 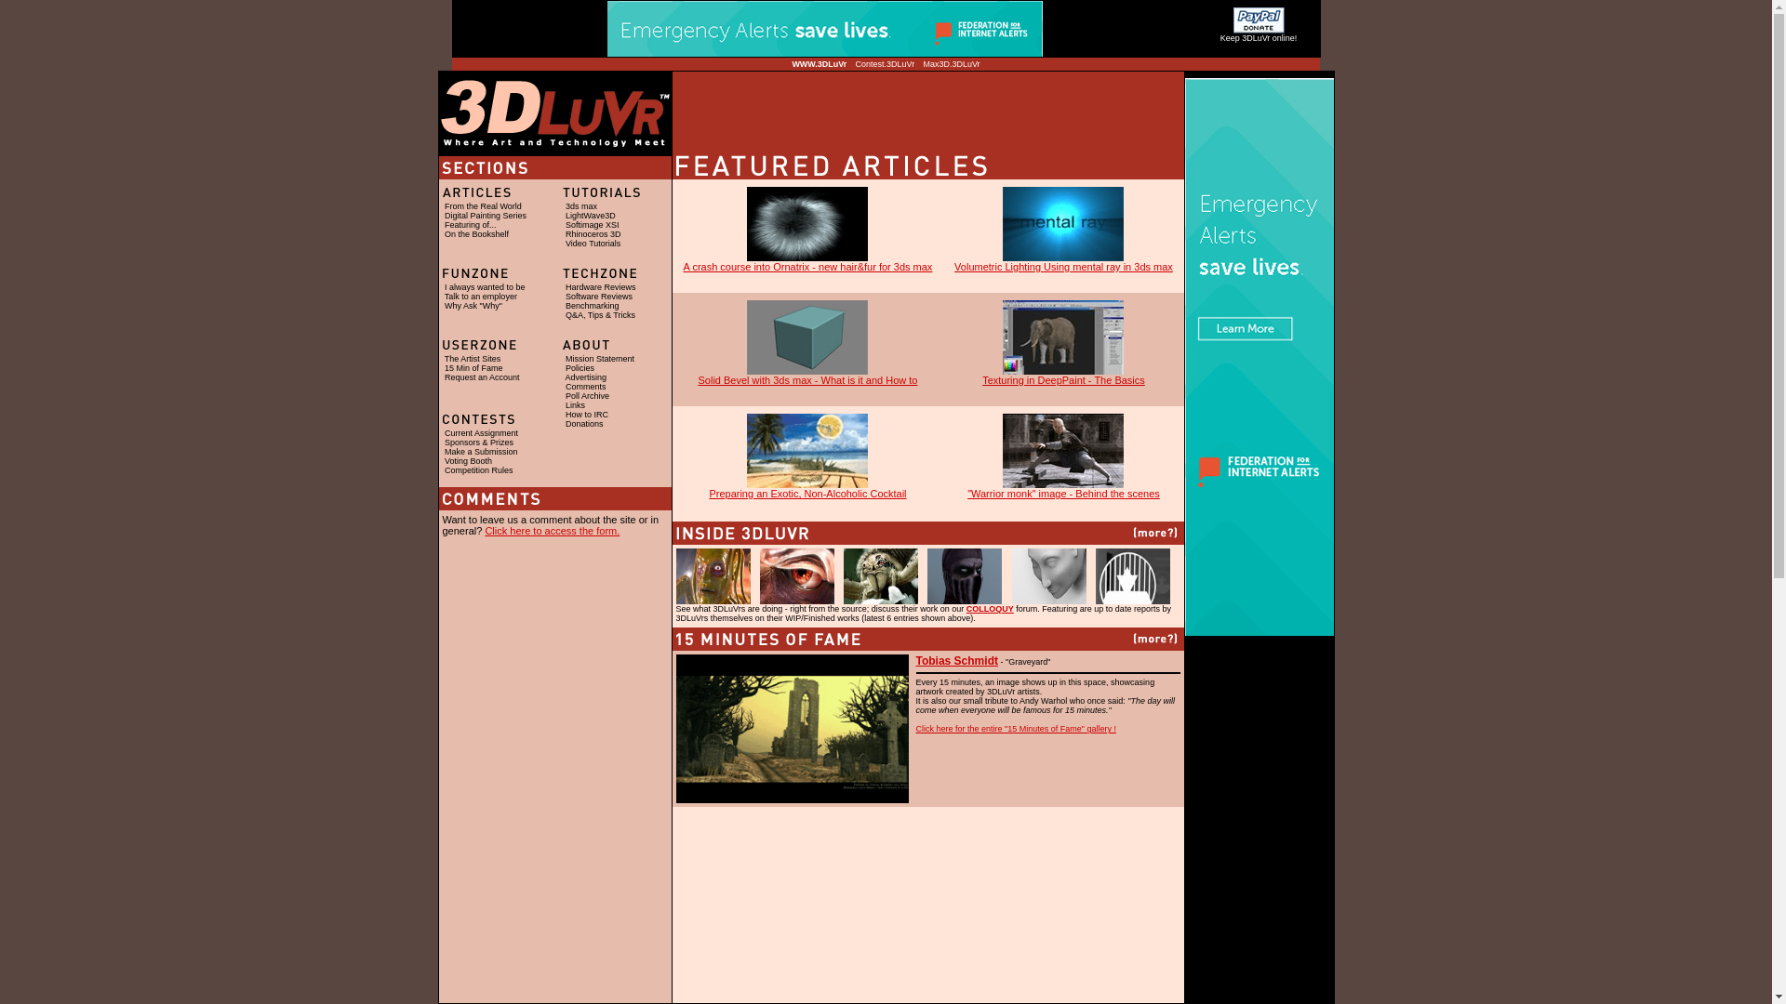 I want to click on 'Software Reviews', so click(x=565, y=296).